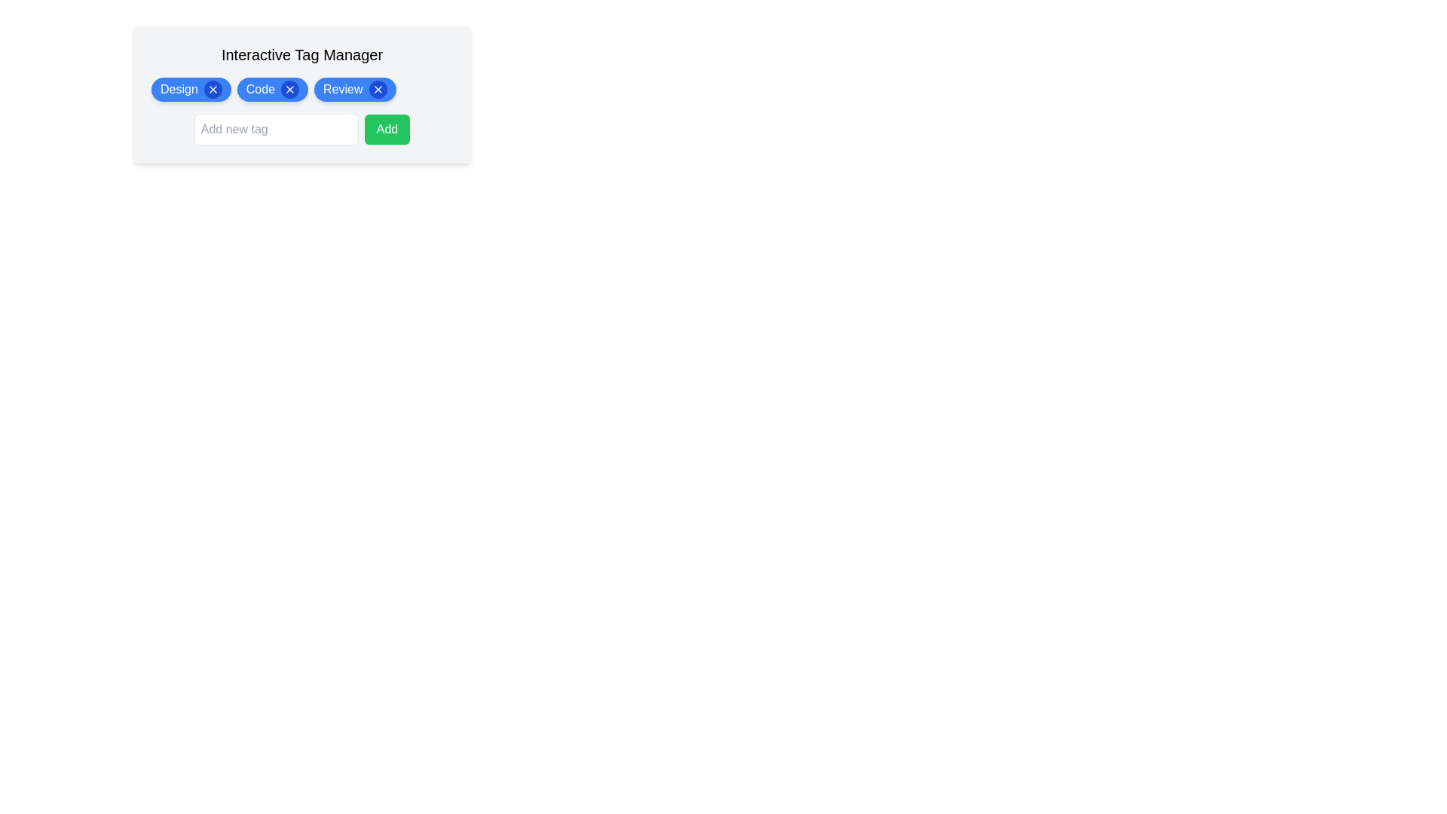  Describe the element at coordinates (342, 90) in the screenshot. I see `the third tag in the horizontally aligned group of tags, which is part of the tagging system below the title 'Interactive Tag Manager'` at that location.